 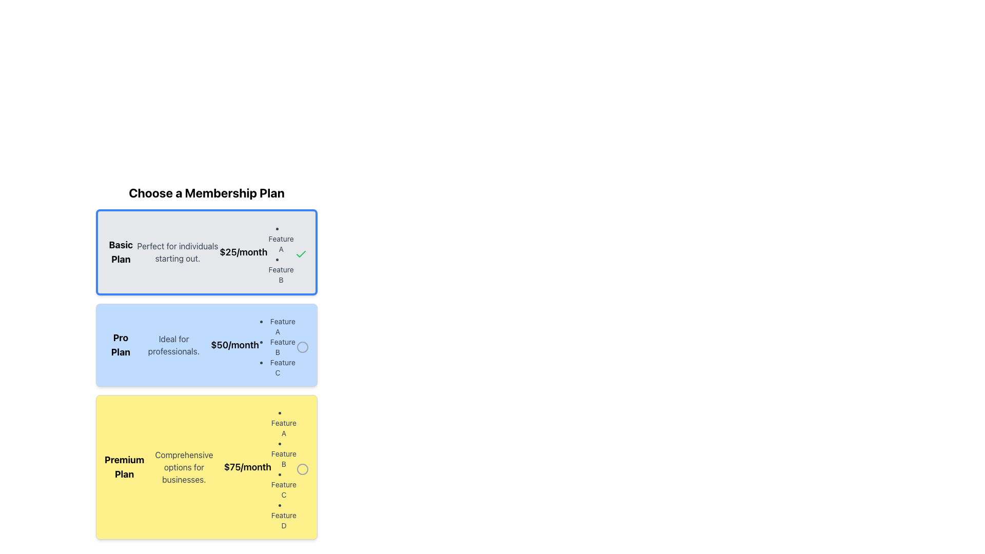 What do you see at coordinates (284, 485) in the screenshot?
I see `text label displaying 'Feature C' for the 'Premium Plan' located in the Premium Plan section with a yellow background, which is the third item in a vertical list of features` at bounding box center [284, 485].